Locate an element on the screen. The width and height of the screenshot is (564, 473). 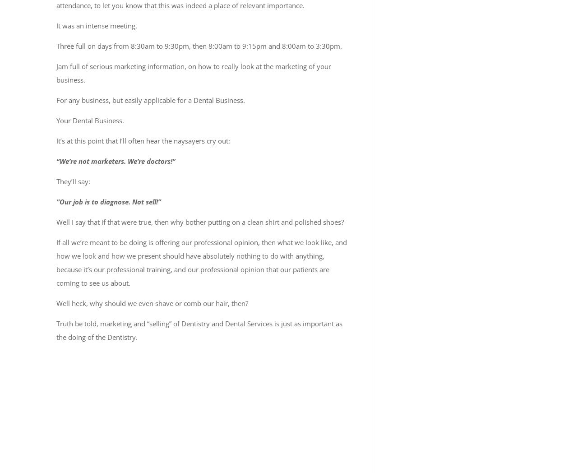
'It was an intense meeting.' is located at coordinates (96, 26).